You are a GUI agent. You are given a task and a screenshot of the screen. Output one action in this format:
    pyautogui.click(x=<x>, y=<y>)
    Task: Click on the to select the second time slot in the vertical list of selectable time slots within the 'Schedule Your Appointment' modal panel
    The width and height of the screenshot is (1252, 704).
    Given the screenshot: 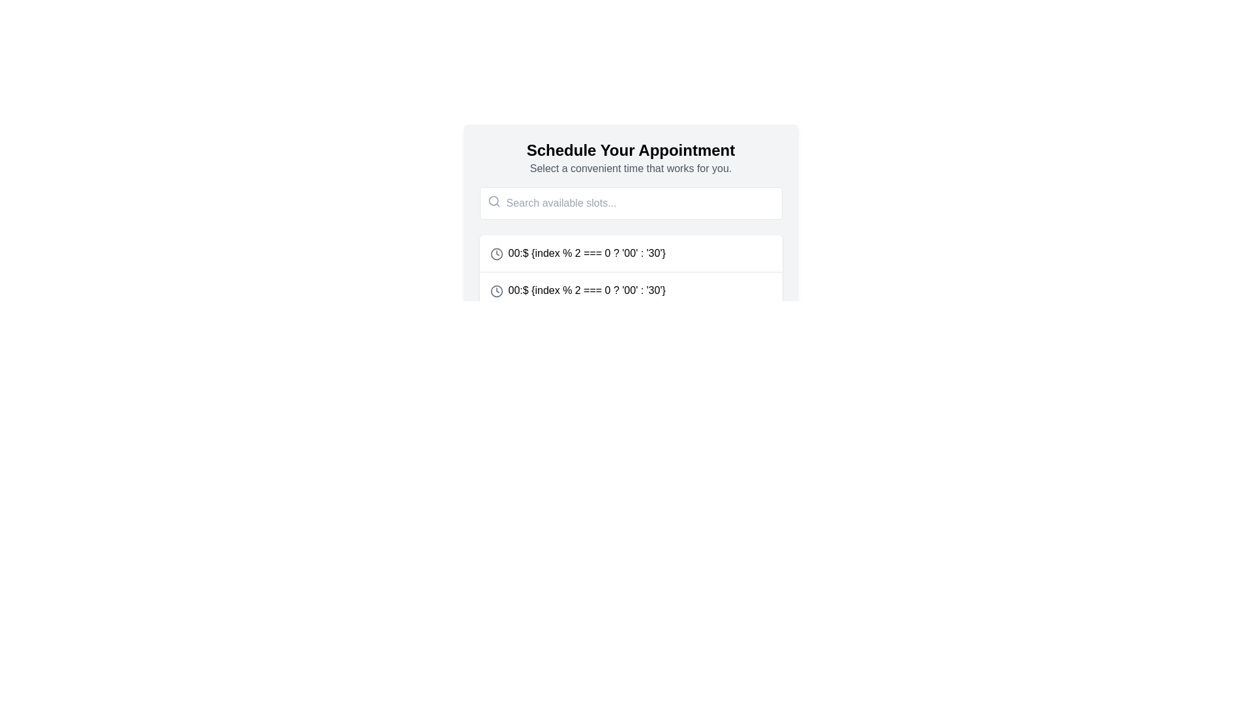 What is the action you would take?
    pyautogui.click(x=631, y=289)
    